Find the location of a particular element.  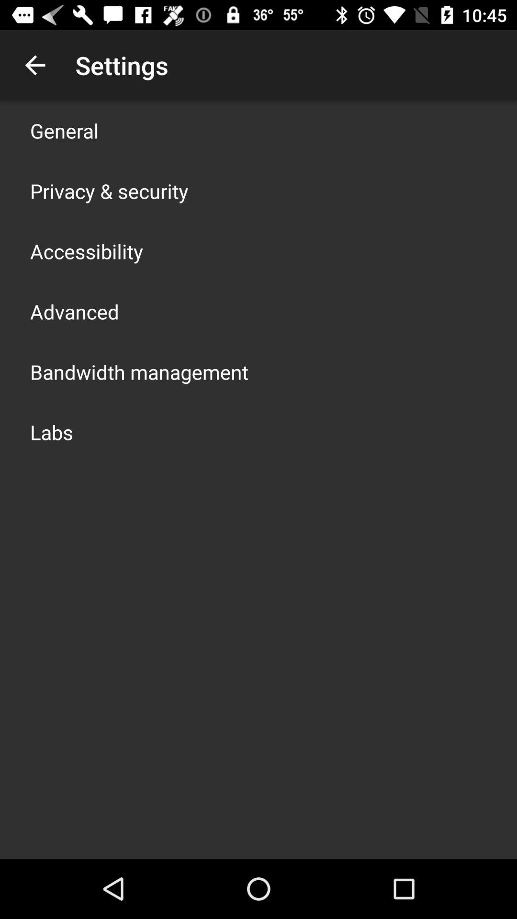

labs is located at coordinates (52, 431).